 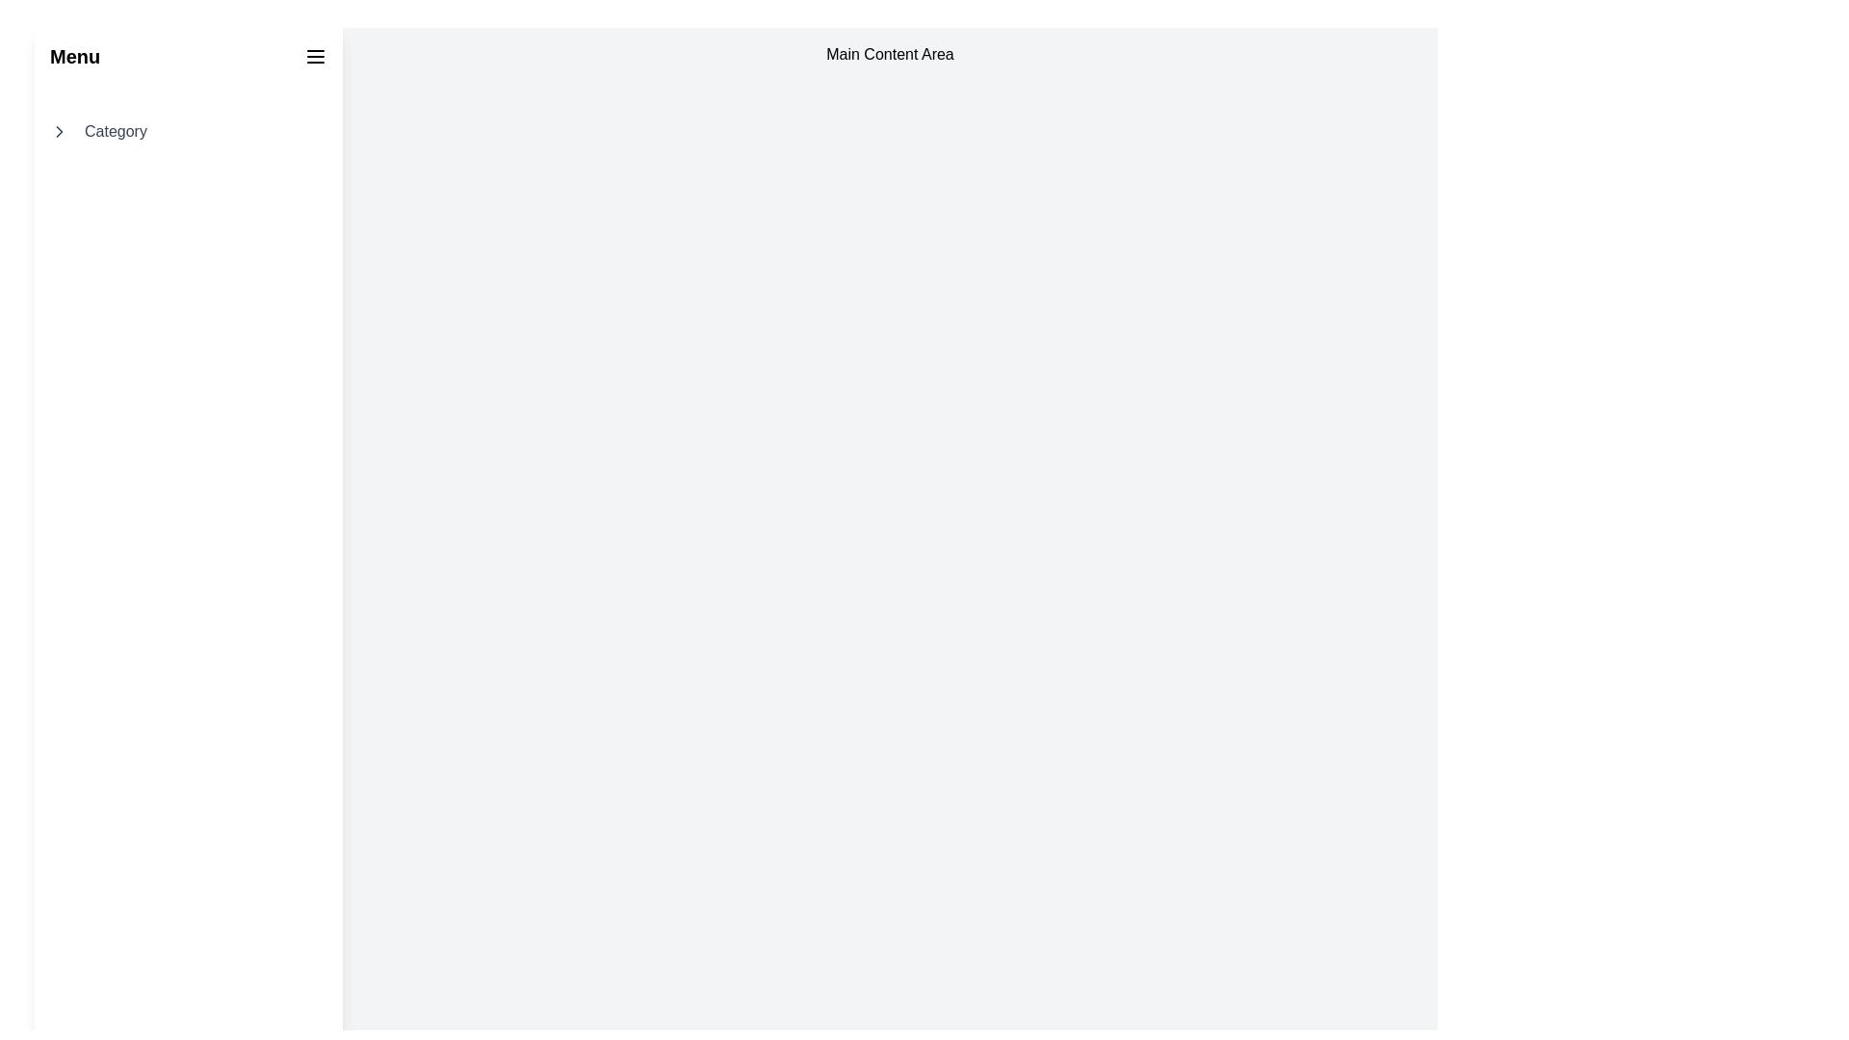 I want to click on the bold, large-sized text label that reads 'Menu', positioned at the top-left corner of the interface, ensuring it is visually constrained without wrapping, so click(x=75, y=55).